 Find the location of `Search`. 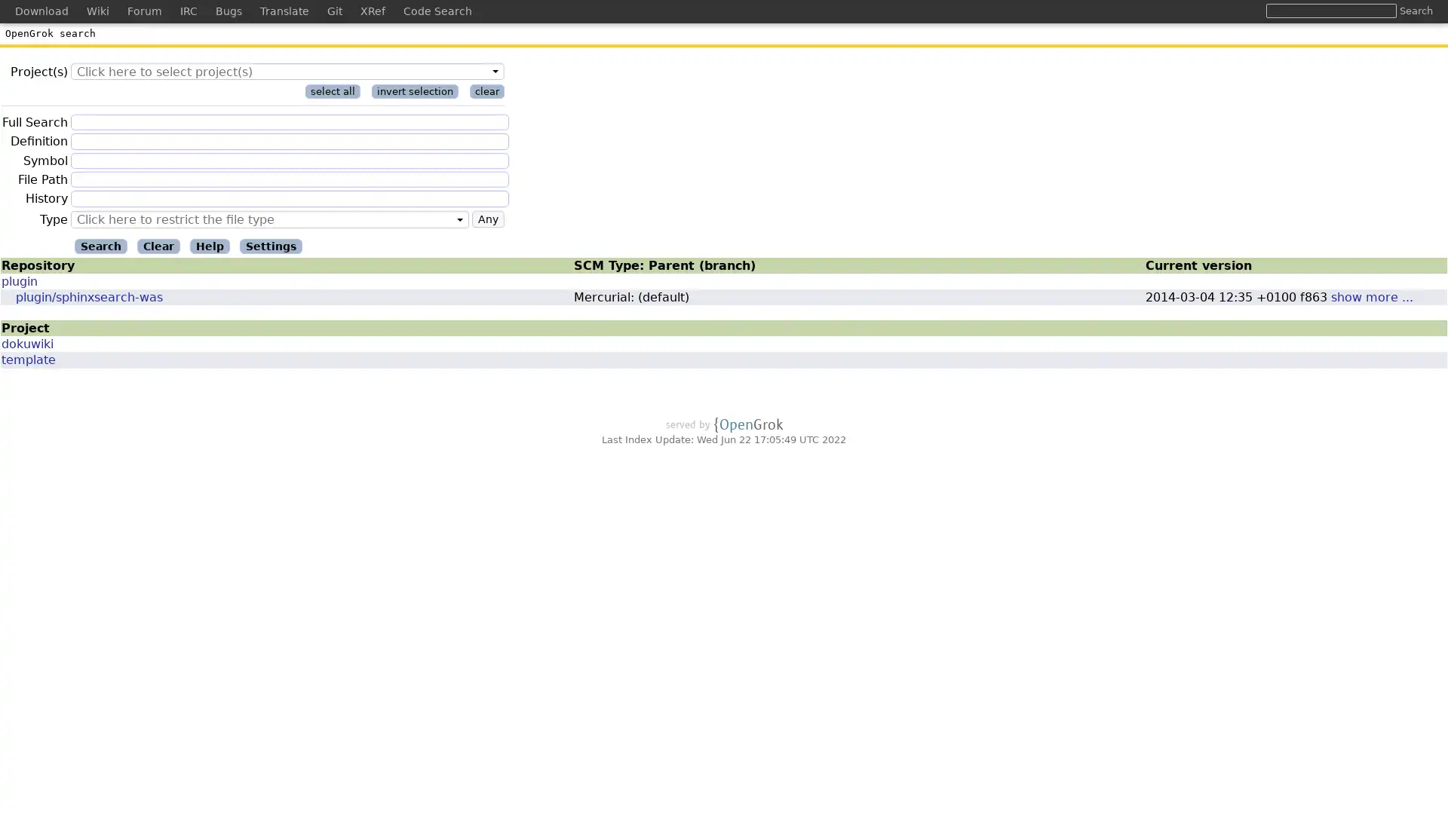

Search is located at coordinates (100, 245).